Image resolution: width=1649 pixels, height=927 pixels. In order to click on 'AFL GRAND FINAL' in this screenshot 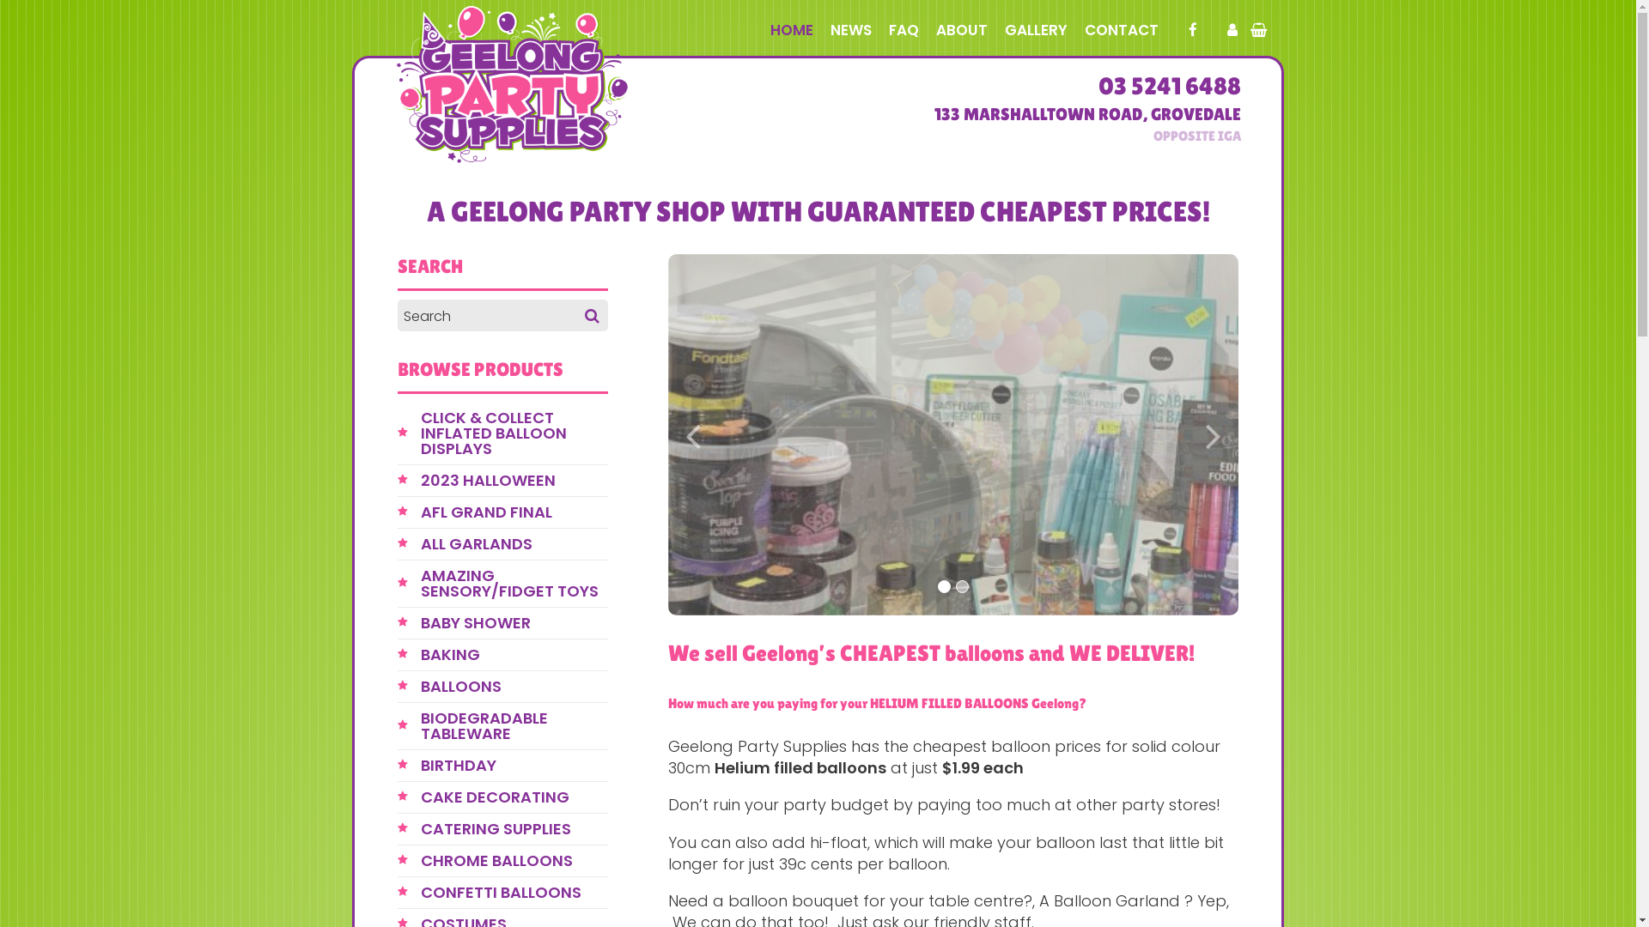, I will do `click(420, 512)`.